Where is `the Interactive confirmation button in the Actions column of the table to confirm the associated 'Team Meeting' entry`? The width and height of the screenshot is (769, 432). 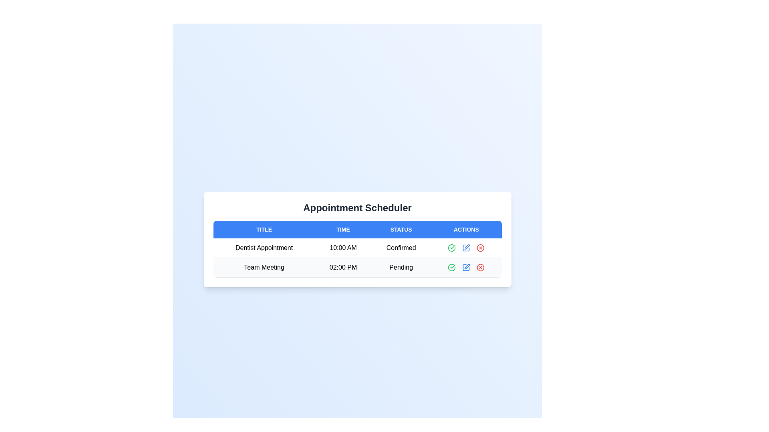
the Interactive confirmation button in the Actions column of the table to confirm the associated 'Team Meeting' entry is located at coordinates (452, 248).